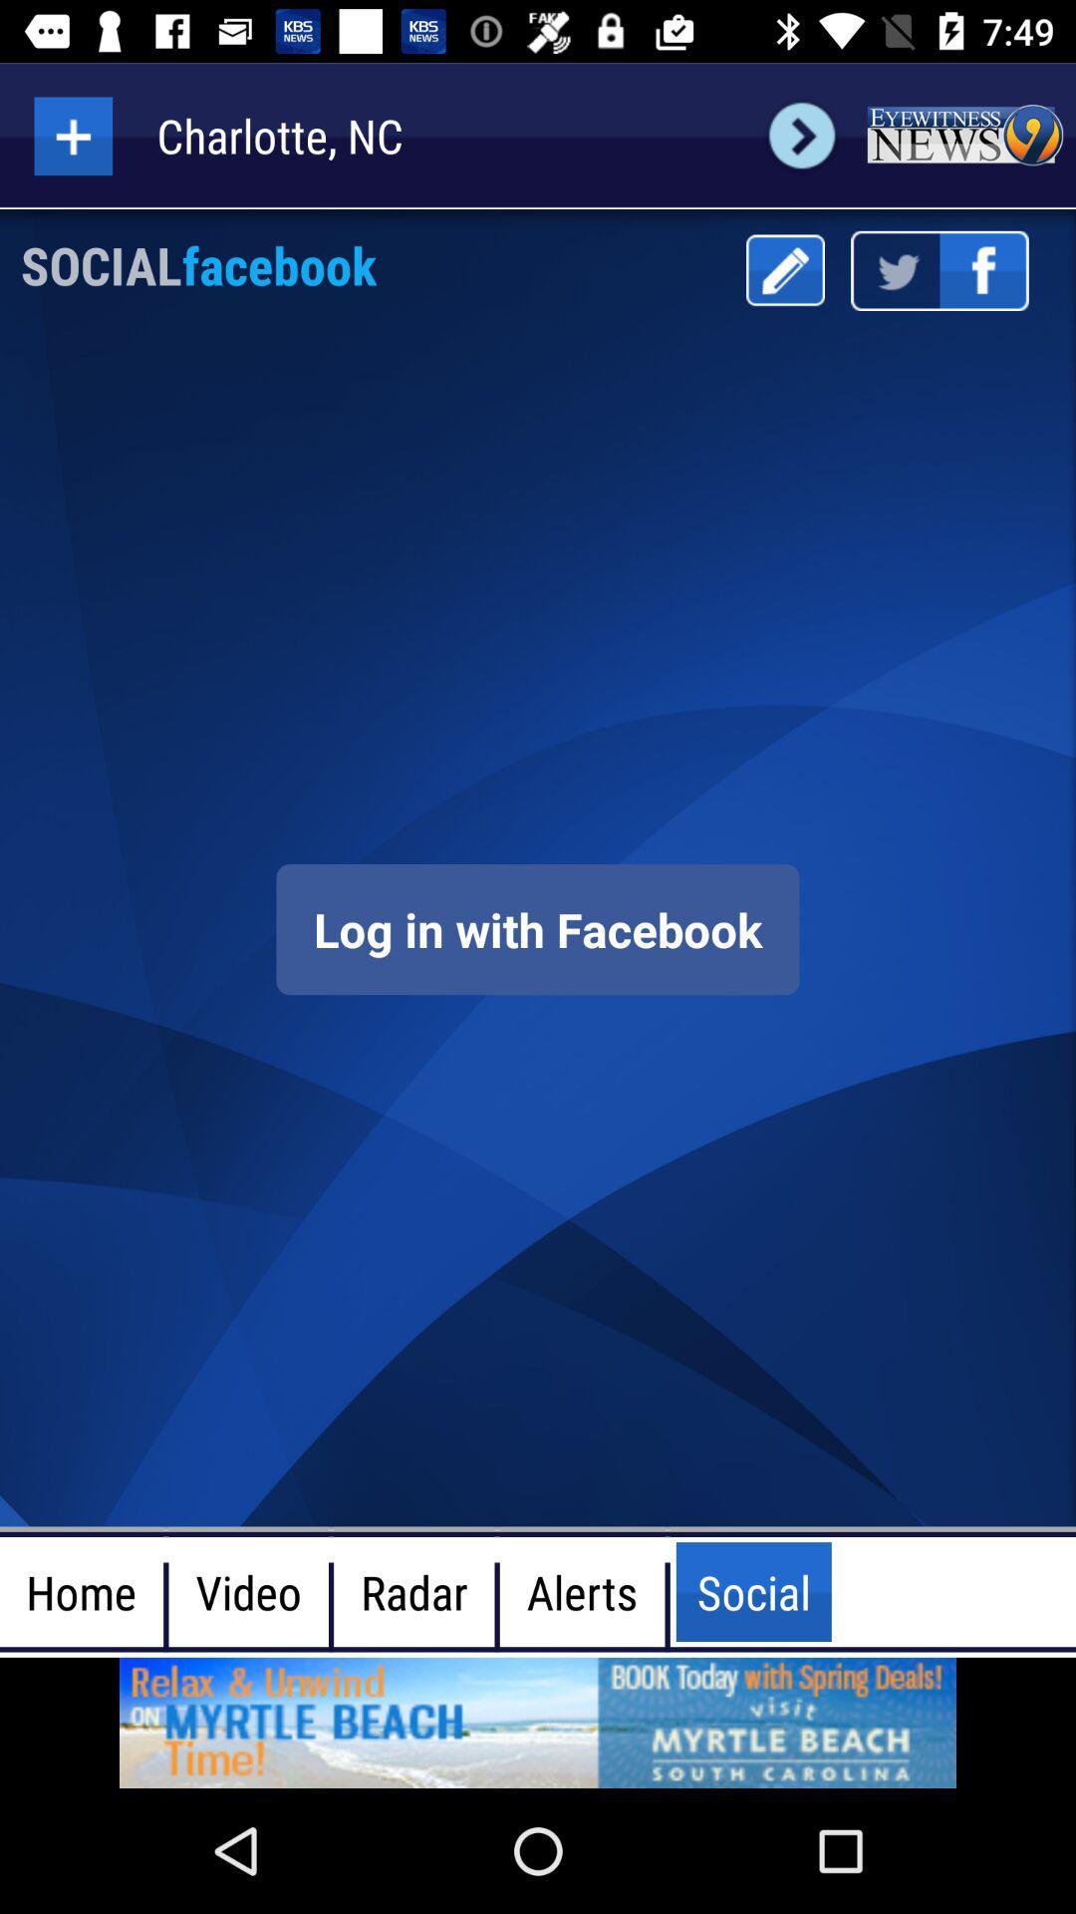  What do you see at coordinates (963, 135) in the screenshot?
I see `app home page` at bounding box center [963, 135].